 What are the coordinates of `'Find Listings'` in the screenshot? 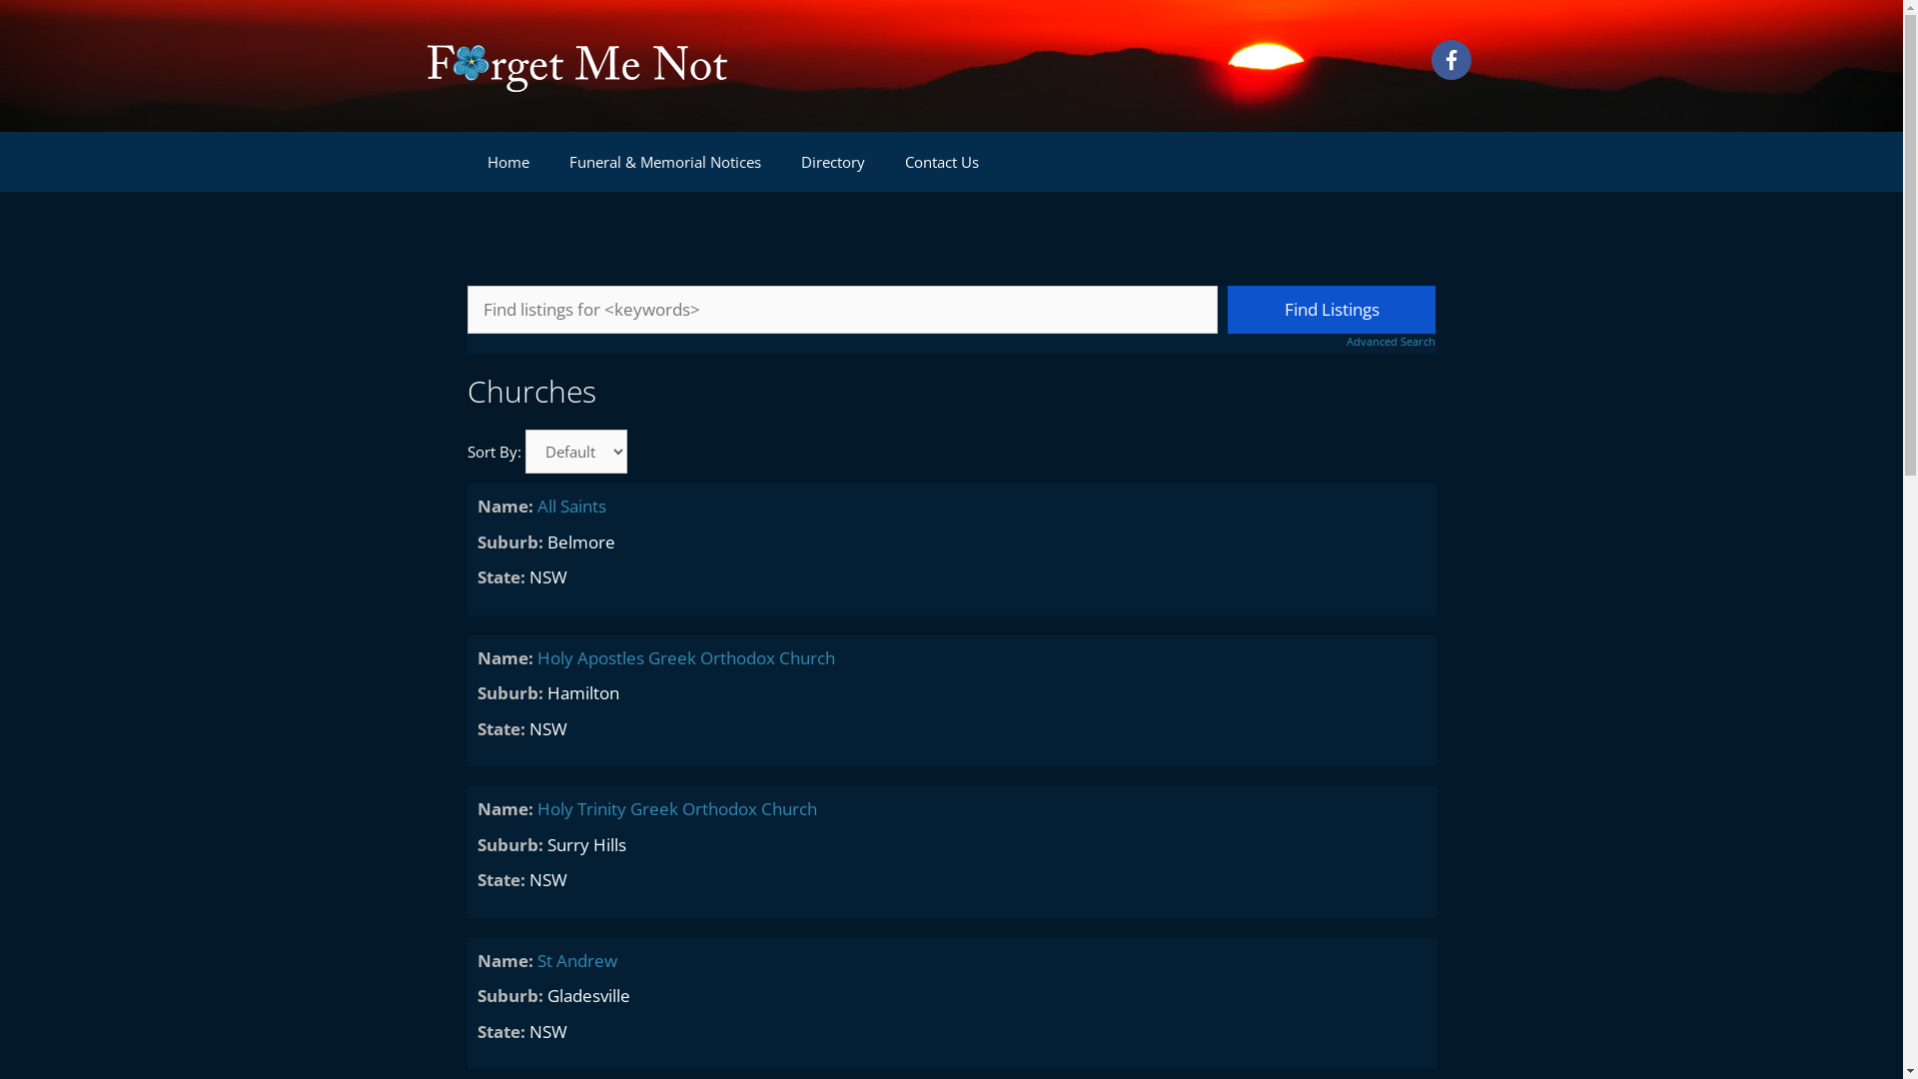 It's located at (1332, 309).